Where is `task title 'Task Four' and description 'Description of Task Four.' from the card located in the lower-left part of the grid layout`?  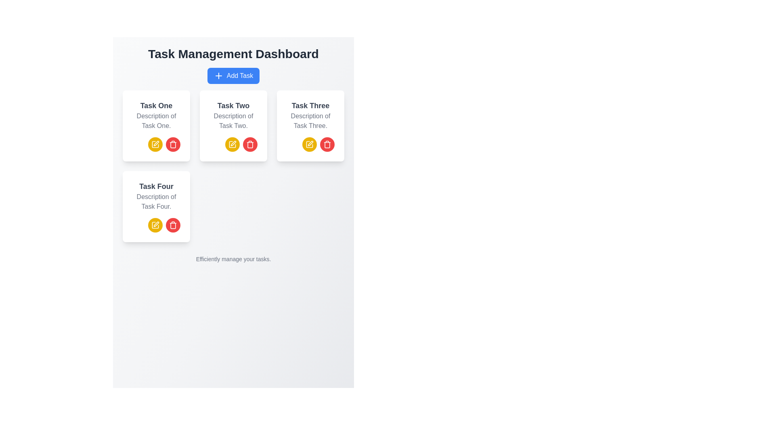
task title 'Task Four' and description 'Description of Task Four.' from the card located in the lower-left part of the grid layout is located at coordinates (156, 206).